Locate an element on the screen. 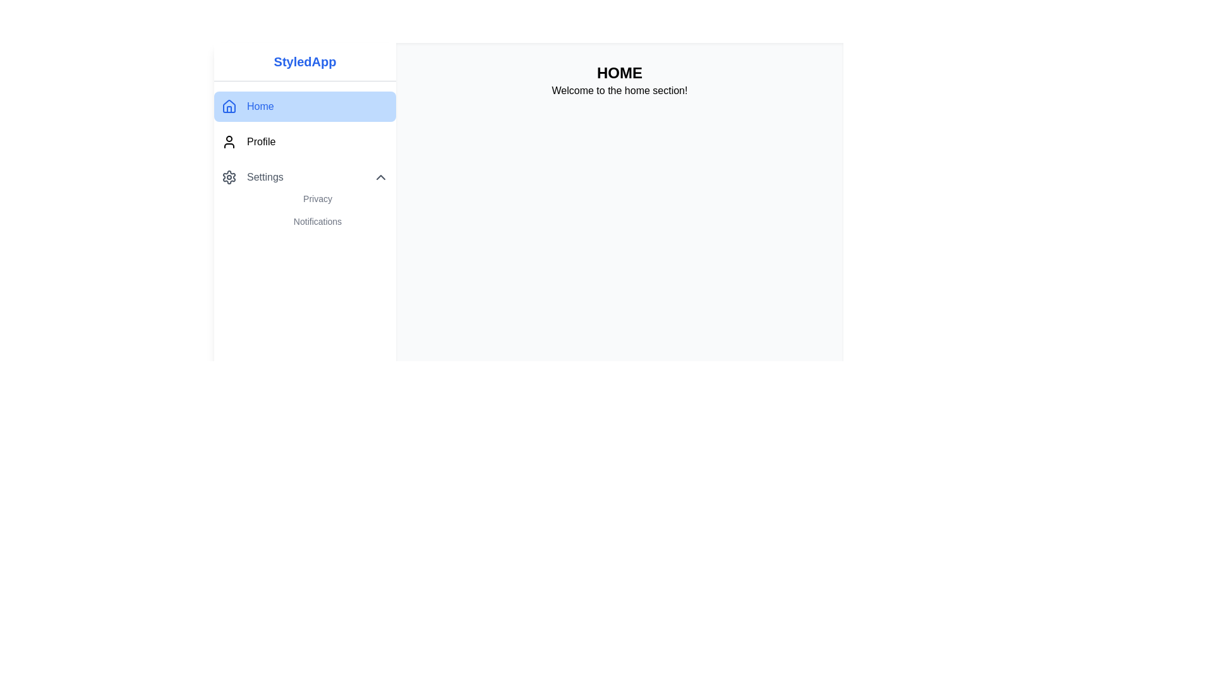 The width and height of the screenshot is (1213, 682). the 'Privacy' link in the Dropdown menu located under the 'Settings' section of the sidebar menu is located at coordinates (305, 199).